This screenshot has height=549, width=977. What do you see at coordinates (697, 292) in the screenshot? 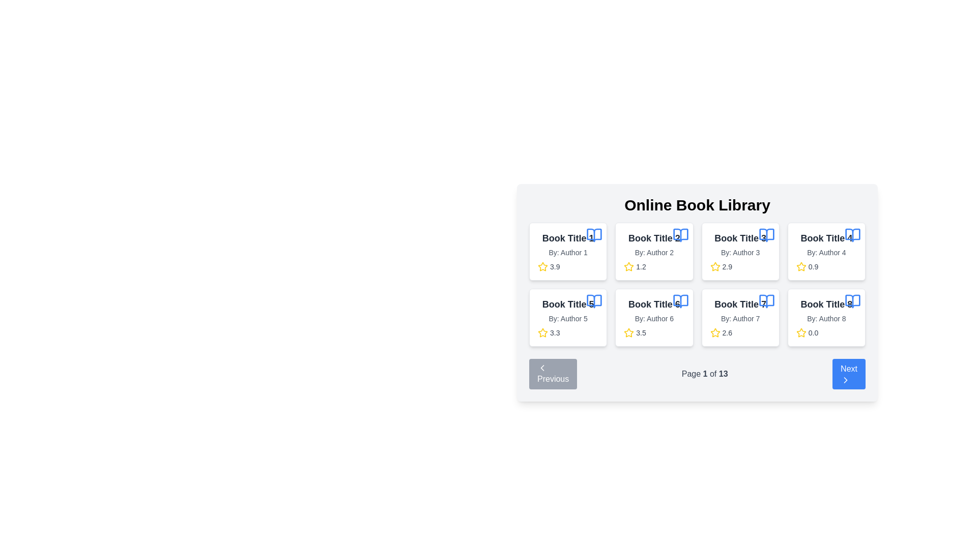
I see `the book entry data card` at bounding box center [697, 292].